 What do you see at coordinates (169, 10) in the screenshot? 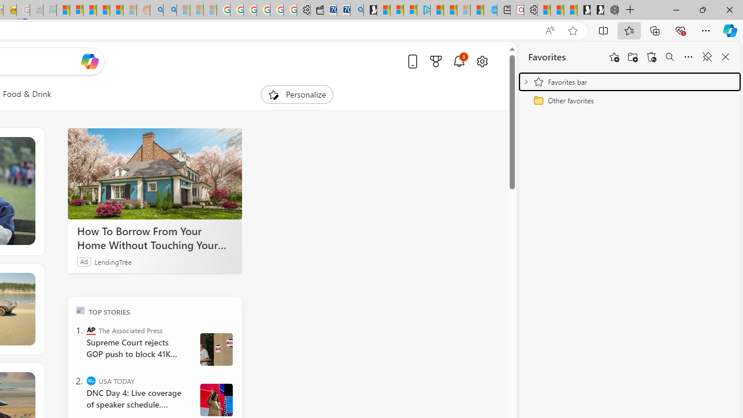
I see `'Utah sues federal government - Search'` at bounding box center [169, 10].